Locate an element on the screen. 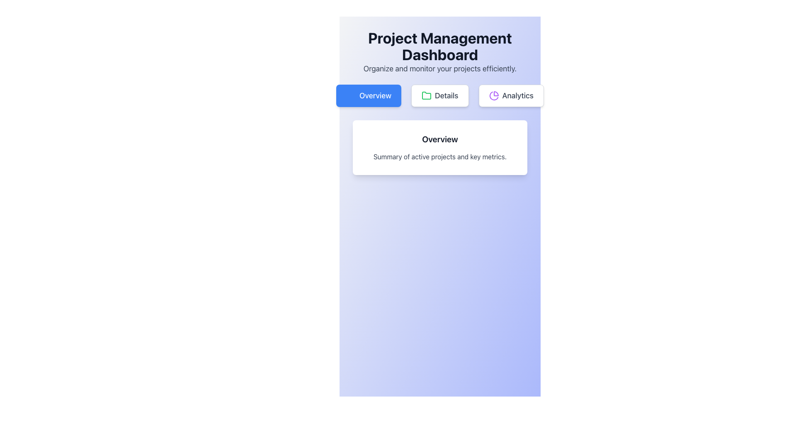  the text element titled 'Project Management Dashboard' which includes the subtitle 'Organize and monitor your projects efficiently.' is located at coordinates (439, 52).